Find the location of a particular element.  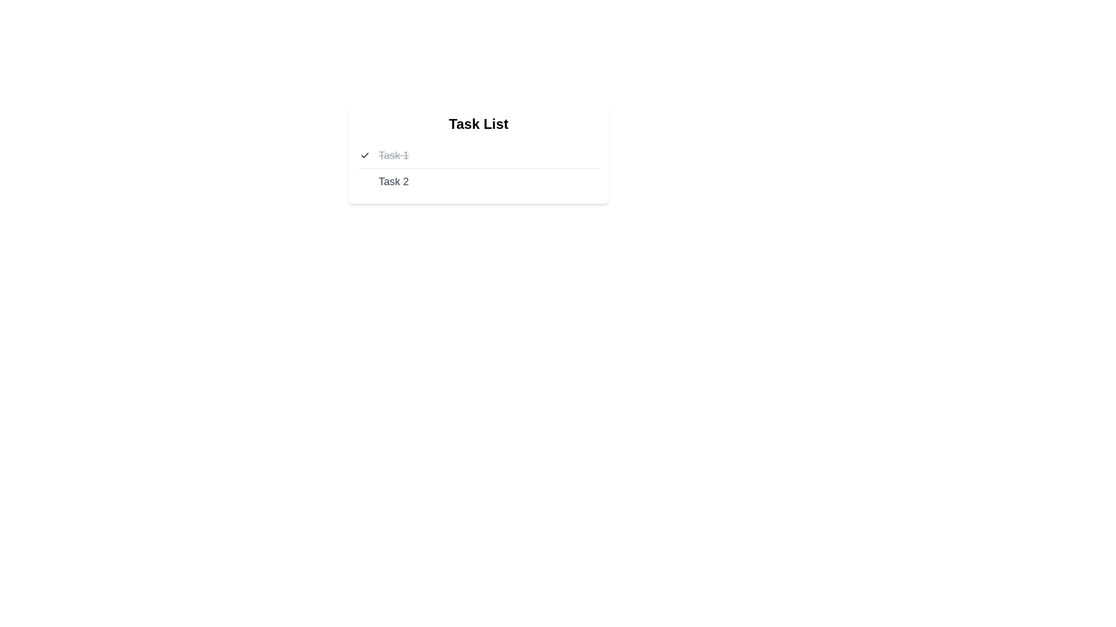

the static text heading that serves as a title for the content below, positioned at the top of a centered card containing tasks is located at coordinates (478, 124).